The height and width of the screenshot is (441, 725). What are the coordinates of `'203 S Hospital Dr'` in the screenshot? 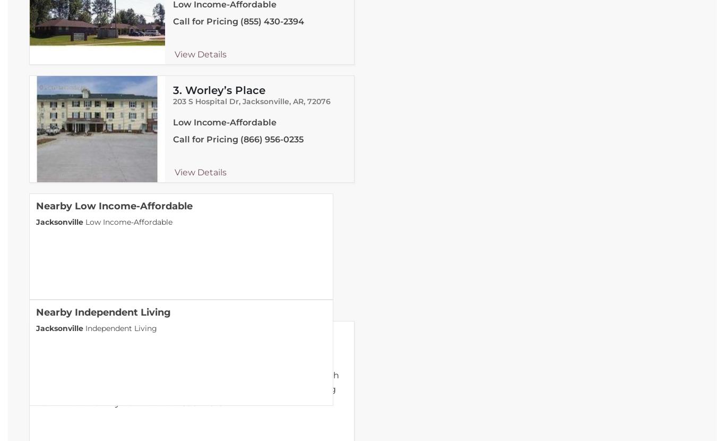 It's located at (204, 101).